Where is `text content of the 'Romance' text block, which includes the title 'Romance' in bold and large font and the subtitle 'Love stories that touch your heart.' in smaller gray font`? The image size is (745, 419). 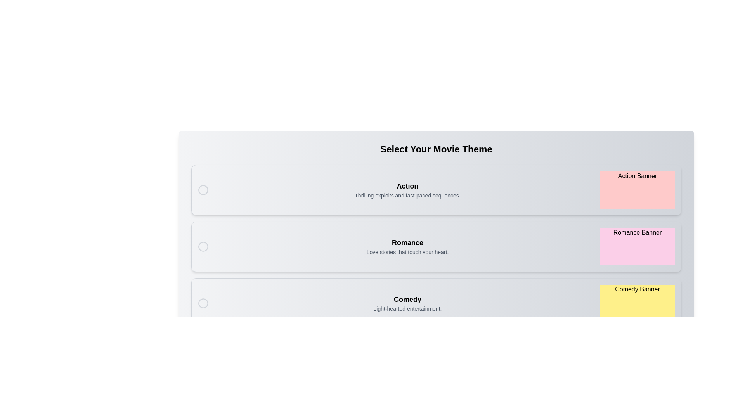
text content of the 'Romance' text block, which includes the title 'Romance' in bold and large font and the subtitle 'Love stories that touch your heart.' in smaller gray font is located at coordinates (407, 247).